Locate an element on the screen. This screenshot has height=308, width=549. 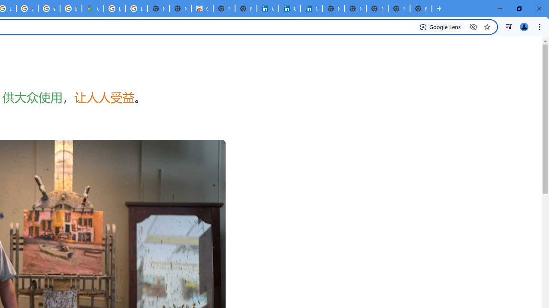
'Control your music, videos, and more' is located at coordinates (508, 26).